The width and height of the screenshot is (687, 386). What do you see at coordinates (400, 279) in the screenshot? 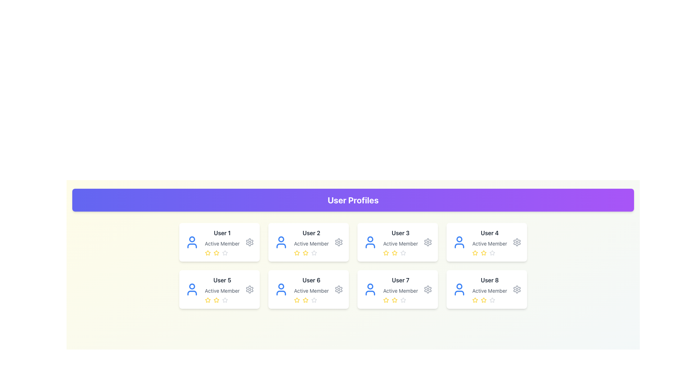
I see `the Text Label element displaying 'User 7' in bold, dark gray, located in the user profile card labeled 'User 7 Active Member' in the fourth row of the grid layout` at bounding box center [400, 279].